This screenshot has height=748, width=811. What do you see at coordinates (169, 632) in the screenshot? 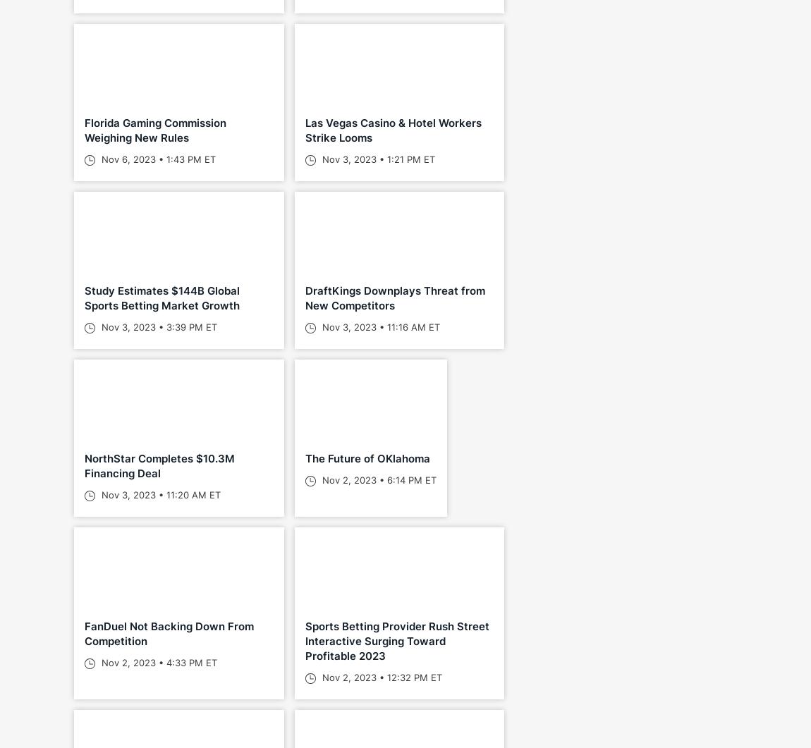
I see `'FanDuel Not Backing Down From Competition'` at bounding box center [169, 632].